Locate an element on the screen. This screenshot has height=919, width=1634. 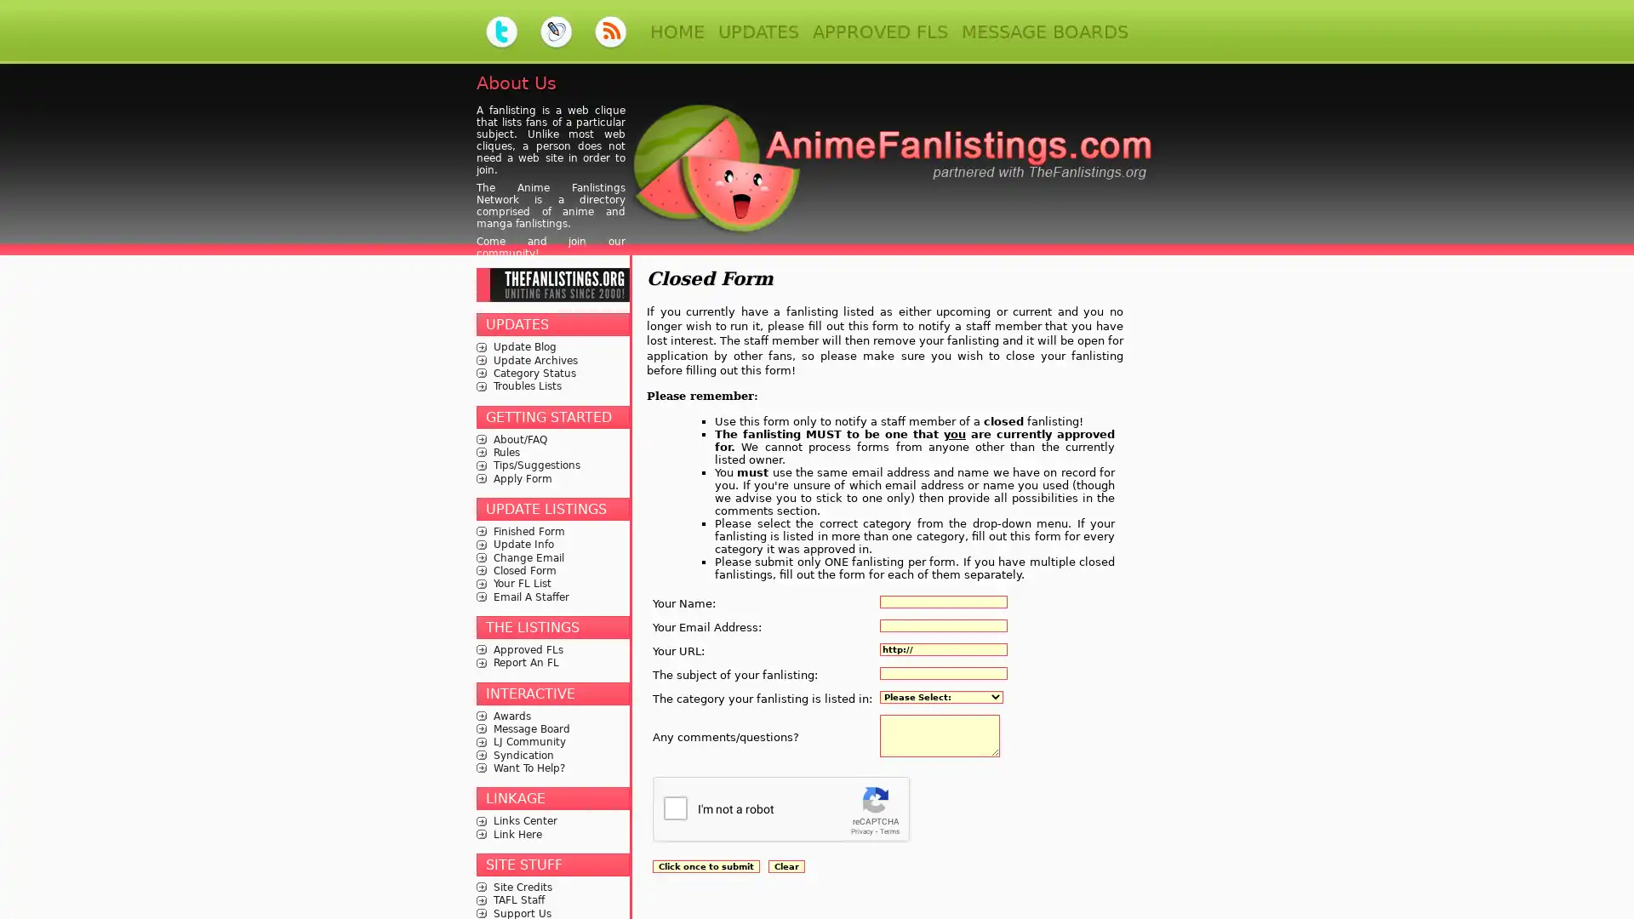
Click once to submit is located at coordinates (706, 865).